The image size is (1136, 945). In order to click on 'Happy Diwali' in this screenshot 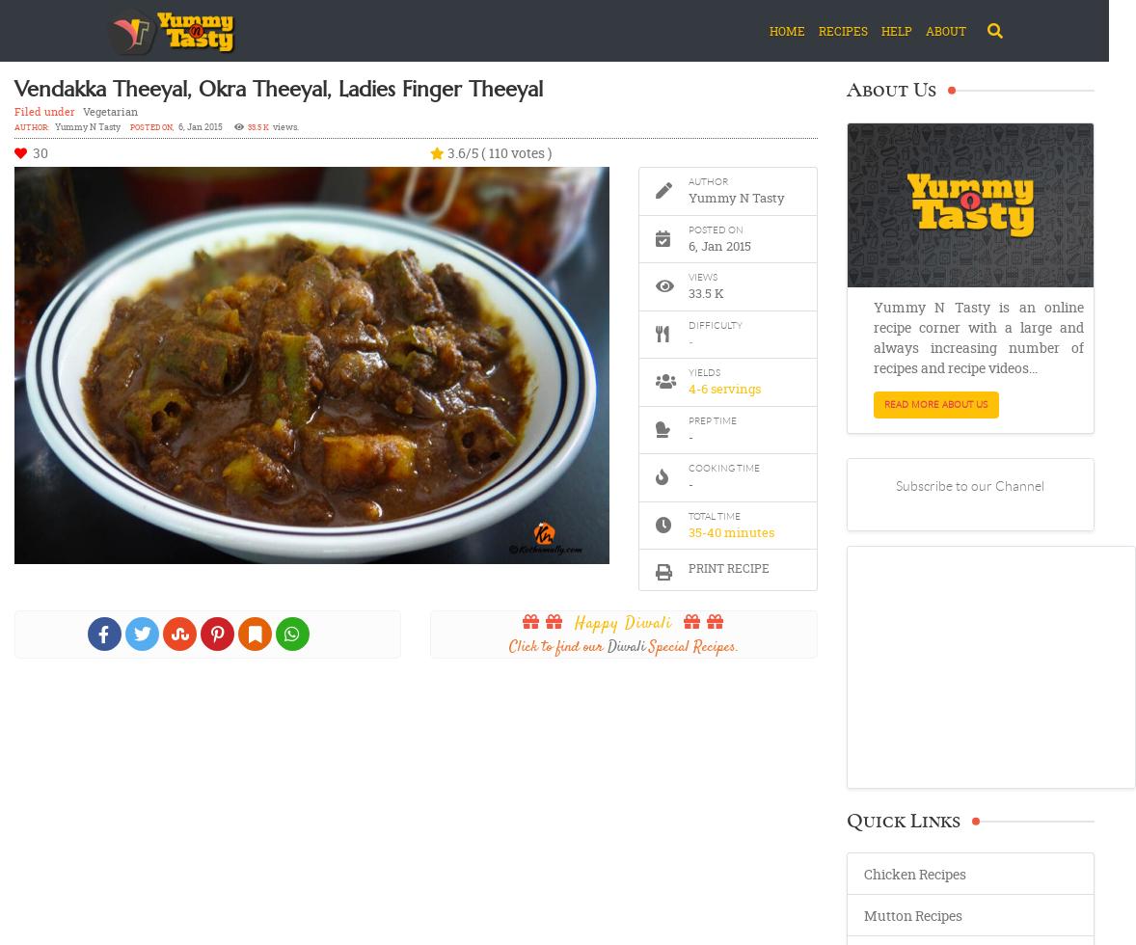, I will do `click(622, 624)`.